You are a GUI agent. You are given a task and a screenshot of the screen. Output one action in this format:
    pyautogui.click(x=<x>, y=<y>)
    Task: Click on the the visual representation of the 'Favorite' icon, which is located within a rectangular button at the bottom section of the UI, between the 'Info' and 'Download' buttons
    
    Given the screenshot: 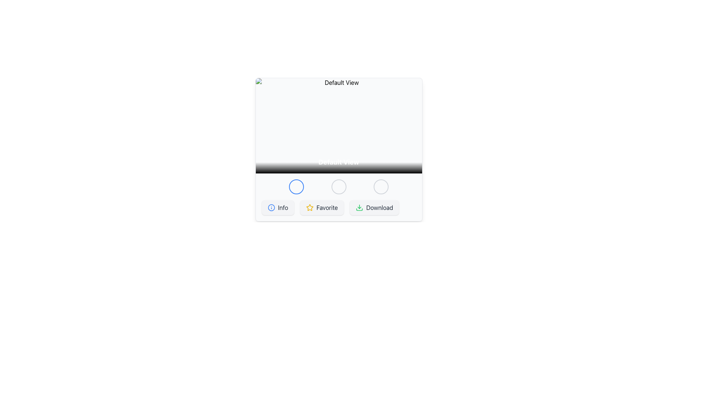 What is the action you would take?
    pyautogui.click(x=310, y=208)
    